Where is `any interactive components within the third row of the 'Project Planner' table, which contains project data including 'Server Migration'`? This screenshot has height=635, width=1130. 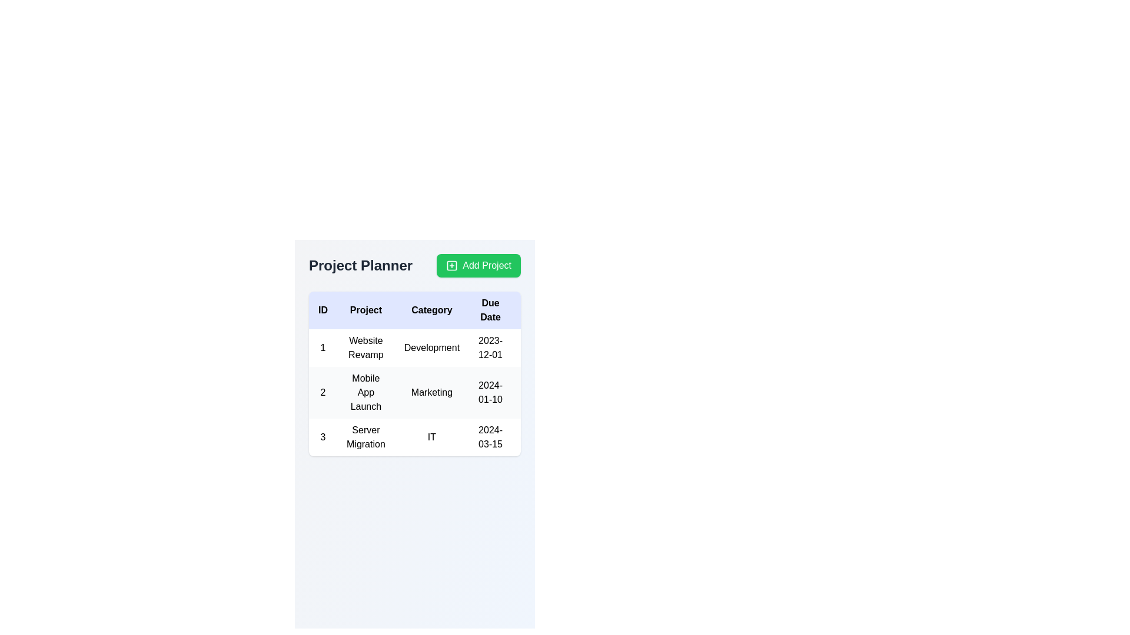 any interactive components within the third row of the 'Project Planner' table, which contains project data including 'Server Migration' is located at coordinates (477, 437).